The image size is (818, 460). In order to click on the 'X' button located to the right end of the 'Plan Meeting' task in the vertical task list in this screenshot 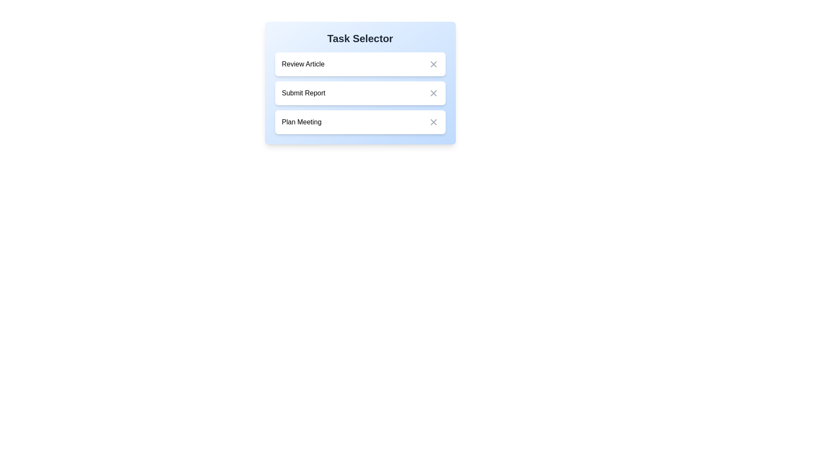, I will do `click(433, 122)`.